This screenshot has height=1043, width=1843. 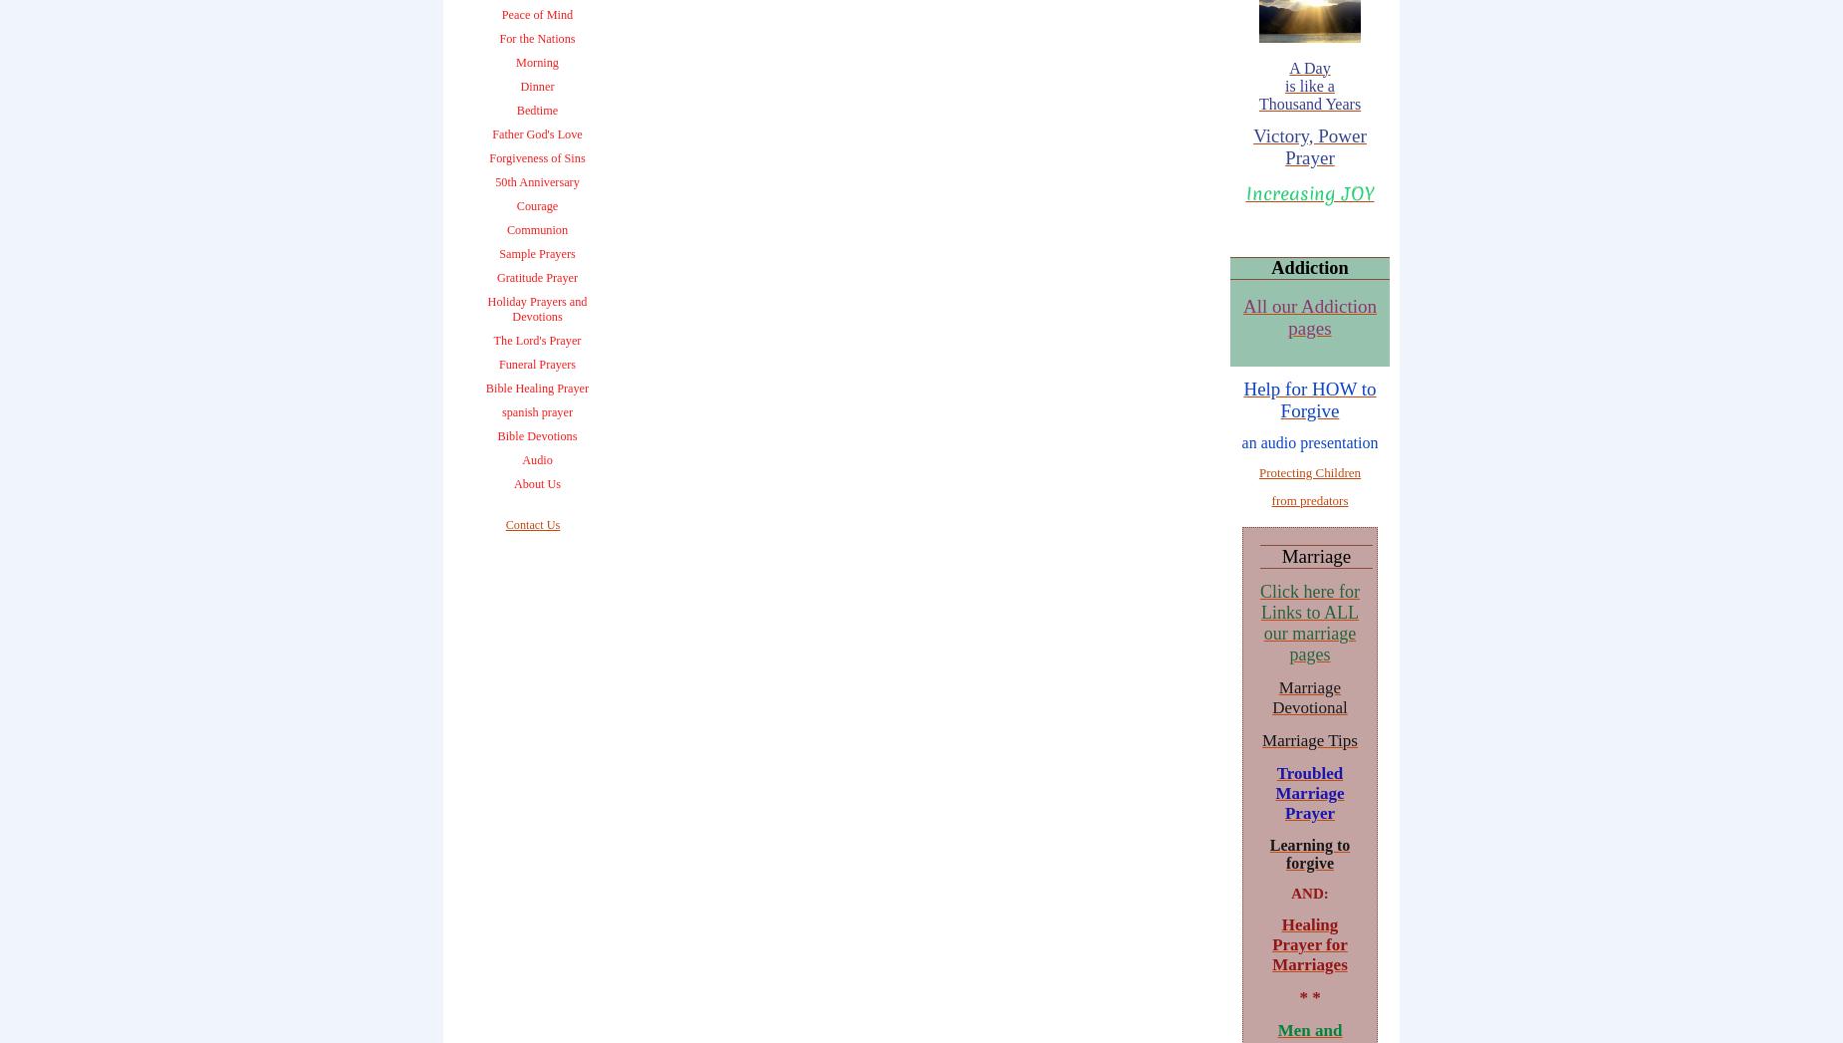 What do you see at coordinates (537, 63) in the screenshot?
I see `'Morning'` at bounding box center [537, 63].